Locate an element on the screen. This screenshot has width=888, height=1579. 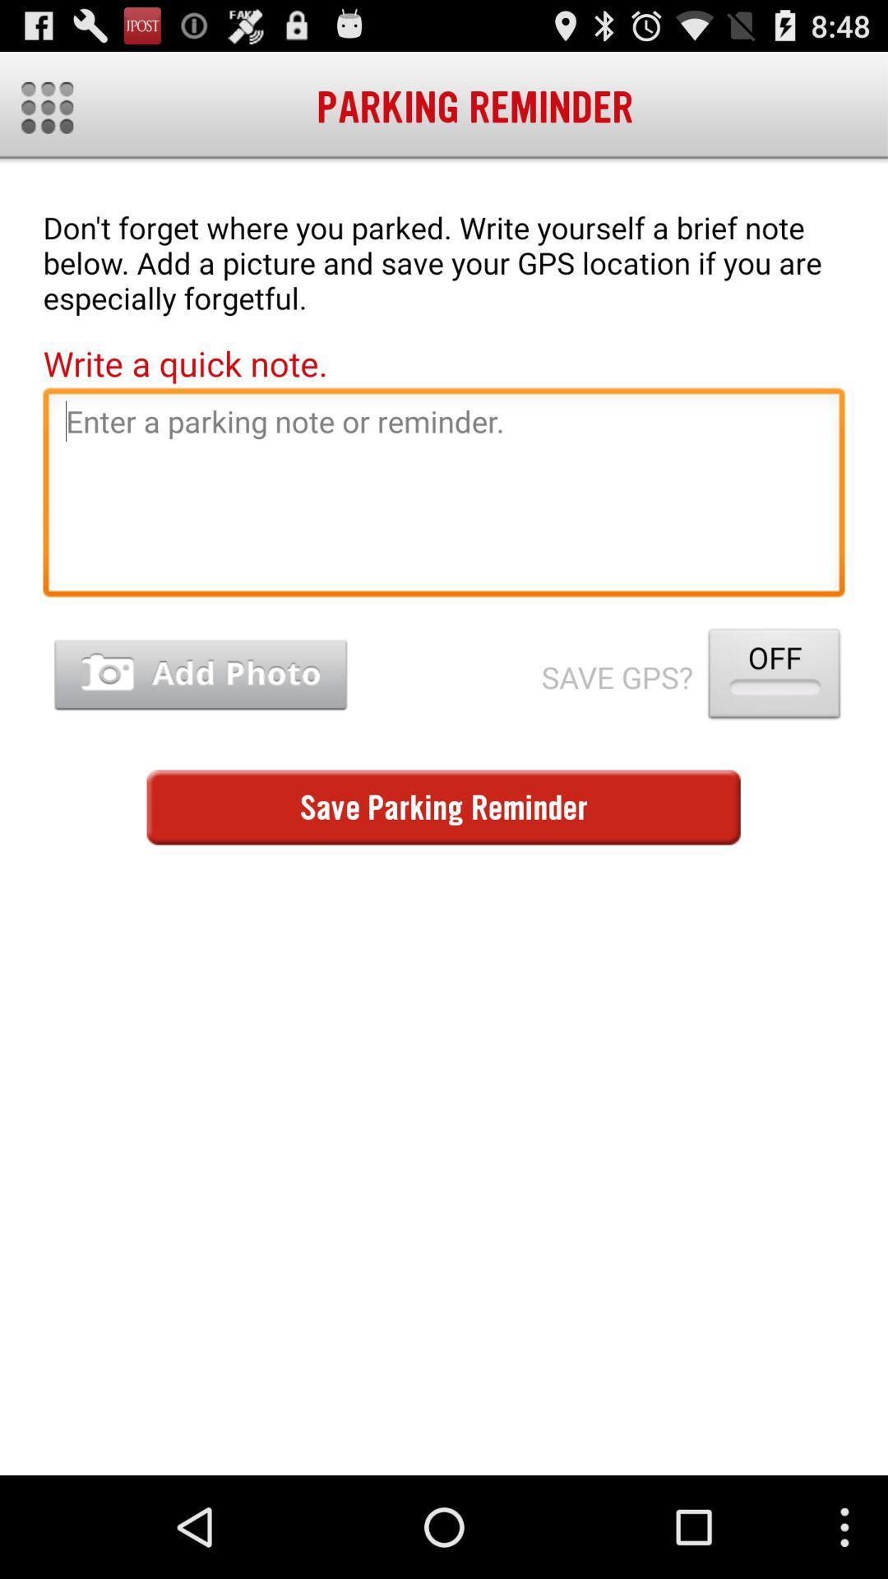
the app to the right of save gps? is located at coordinates (774, 677).